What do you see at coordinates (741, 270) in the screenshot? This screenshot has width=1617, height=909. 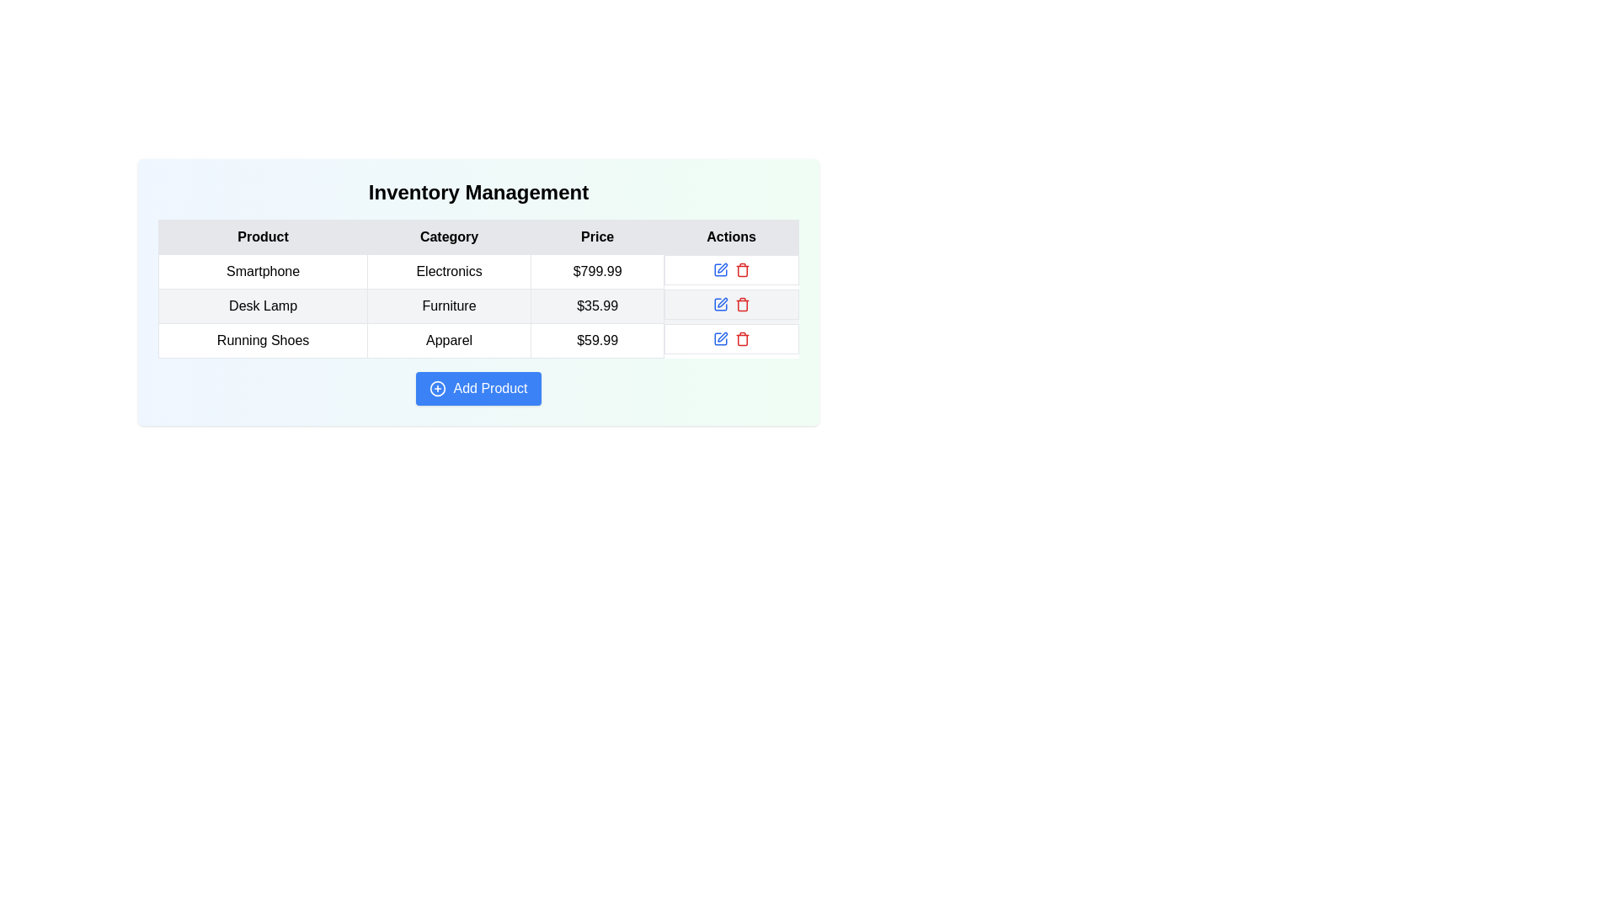 I see `the trash bin icon in the 'Actions' column of the table, specifically in the third row for 'Running Shoes'` at bounding box center [741, 270].